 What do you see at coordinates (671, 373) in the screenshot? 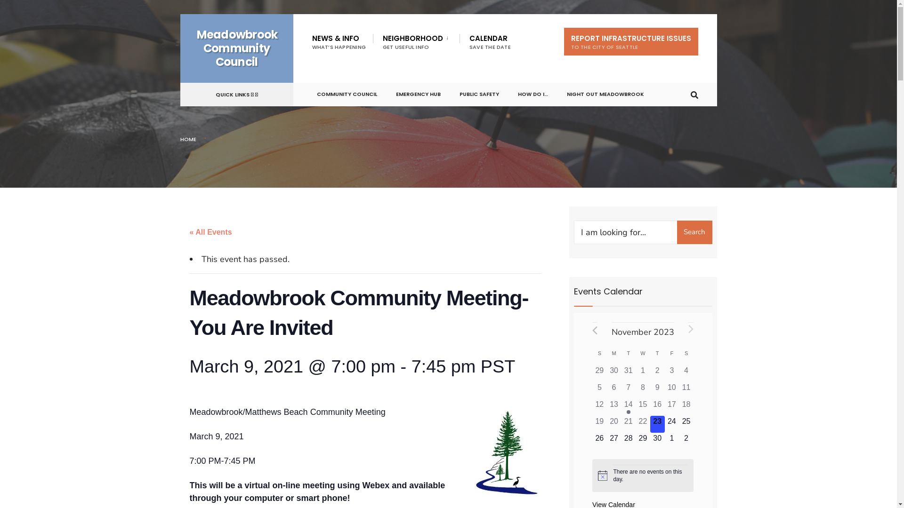
I see `'0 events,` at bounding box center [671, 373].